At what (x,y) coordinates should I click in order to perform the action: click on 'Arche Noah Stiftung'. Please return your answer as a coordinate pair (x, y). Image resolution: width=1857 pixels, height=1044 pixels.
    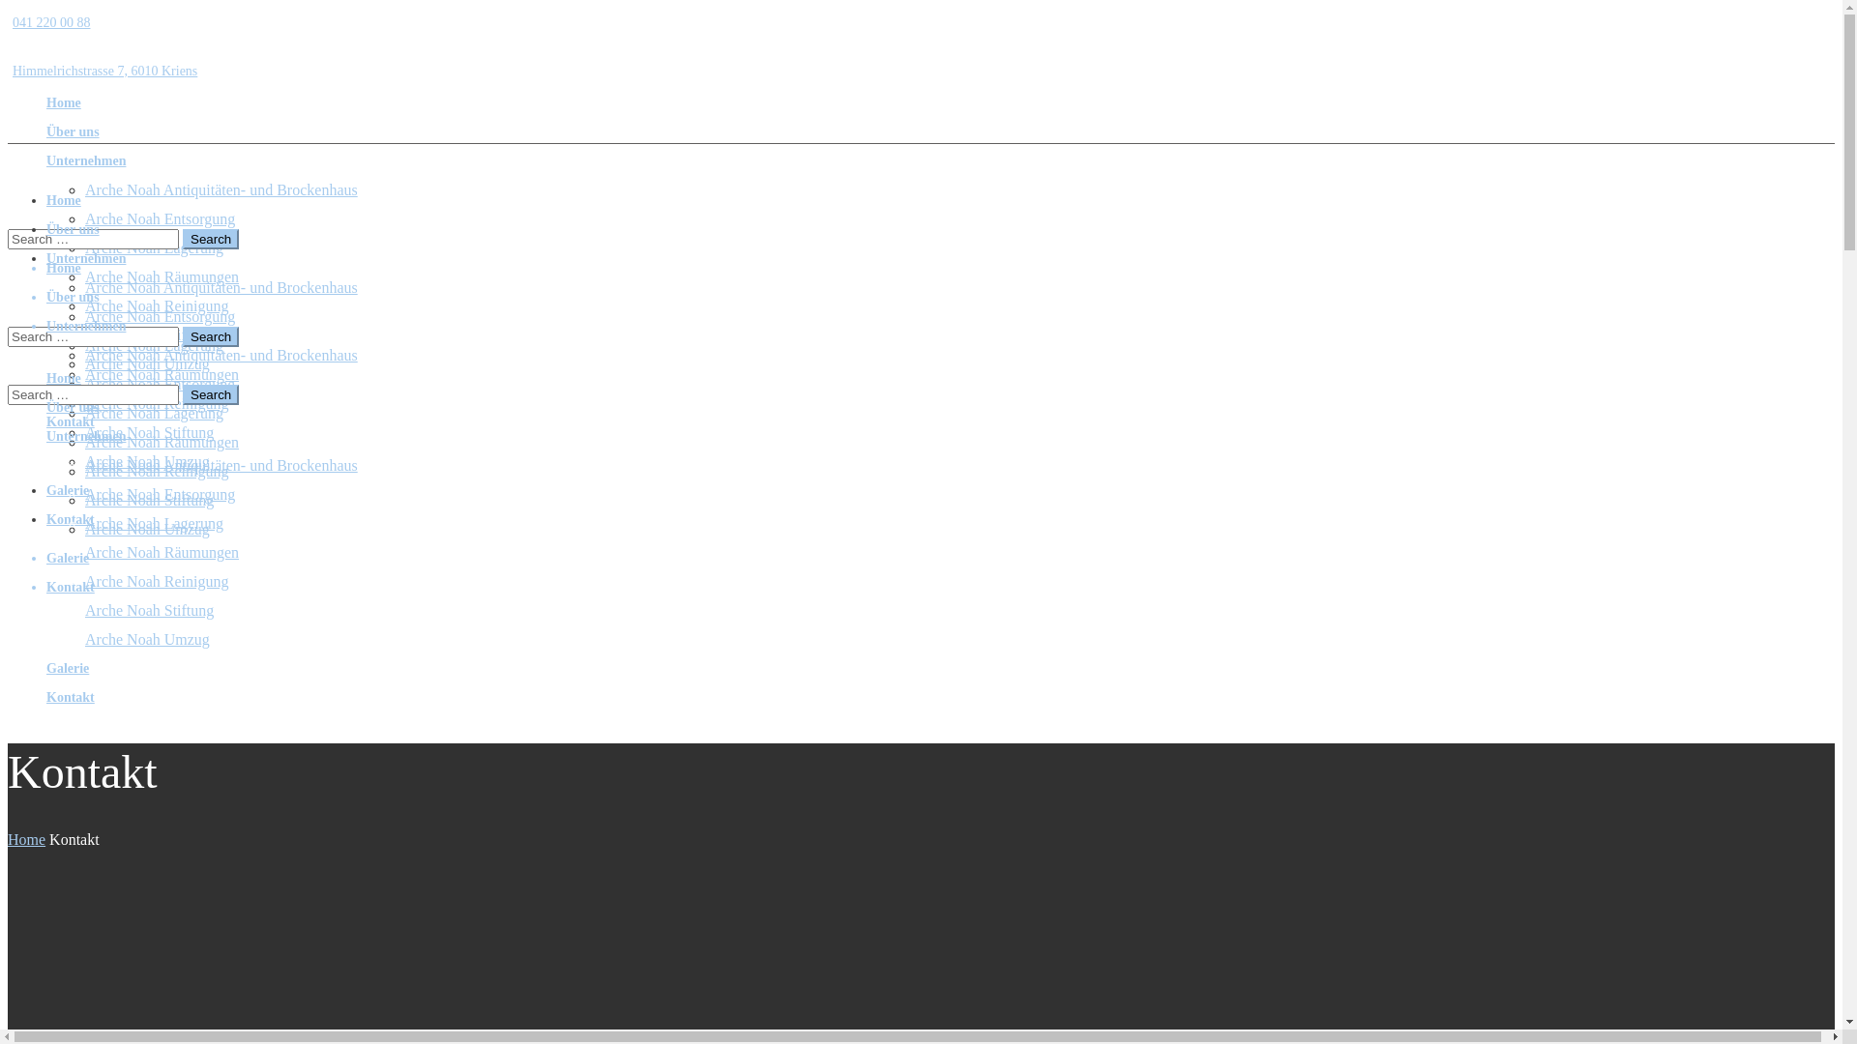
    Looking at the image, I should click on (148, 610).